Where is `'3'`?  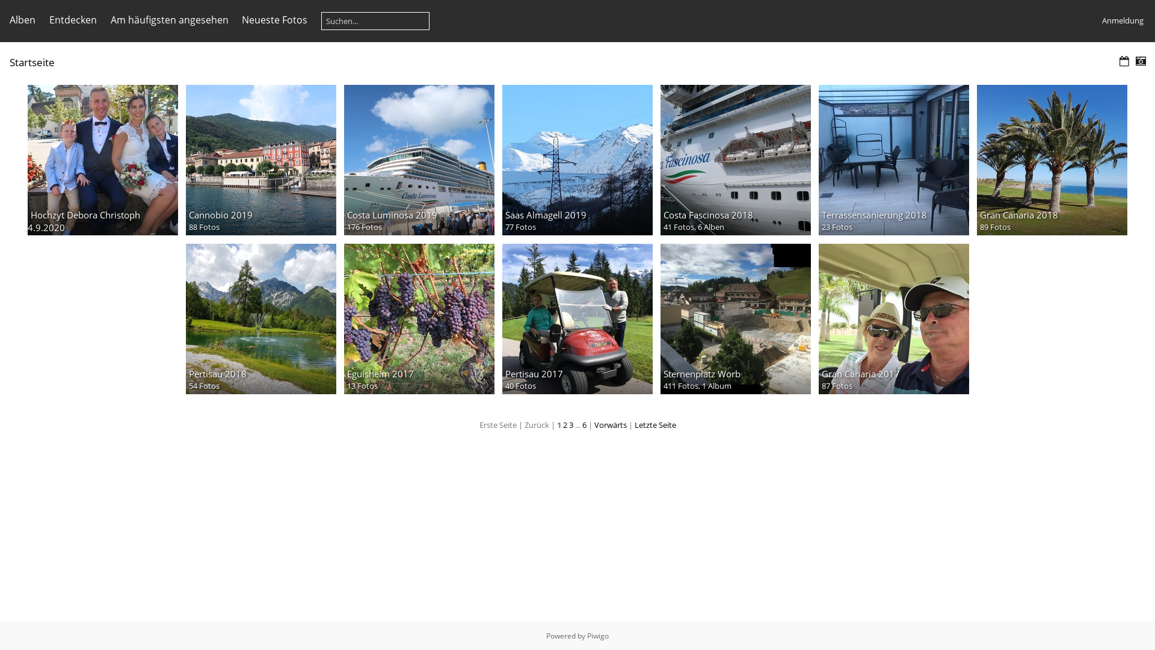 '3' is located at coordinates (570, 424).